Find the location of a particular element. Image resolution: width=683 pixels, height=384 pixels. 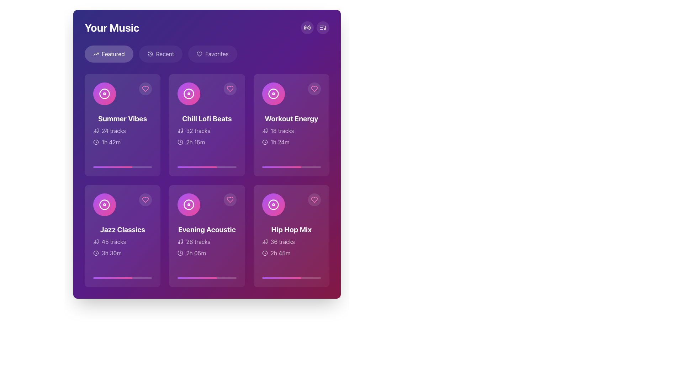

the circular icon button located in the top-right corner of the interface is located at coordinates (307, 27).